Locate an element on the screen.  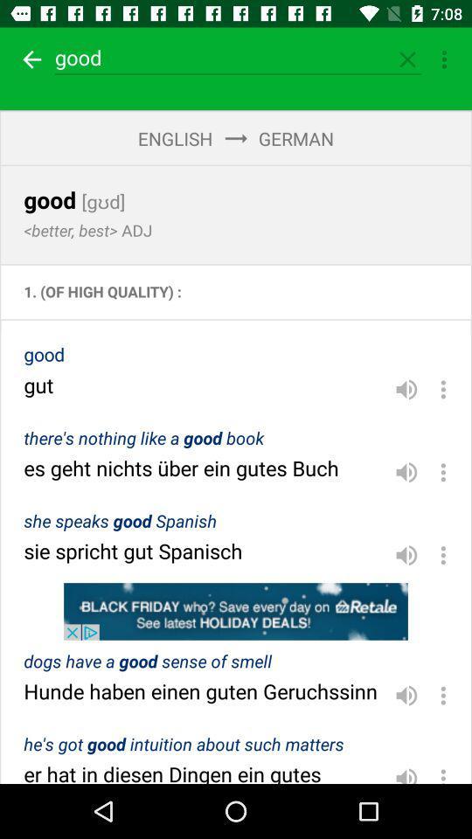
go back is located at coordinates (29, 59).